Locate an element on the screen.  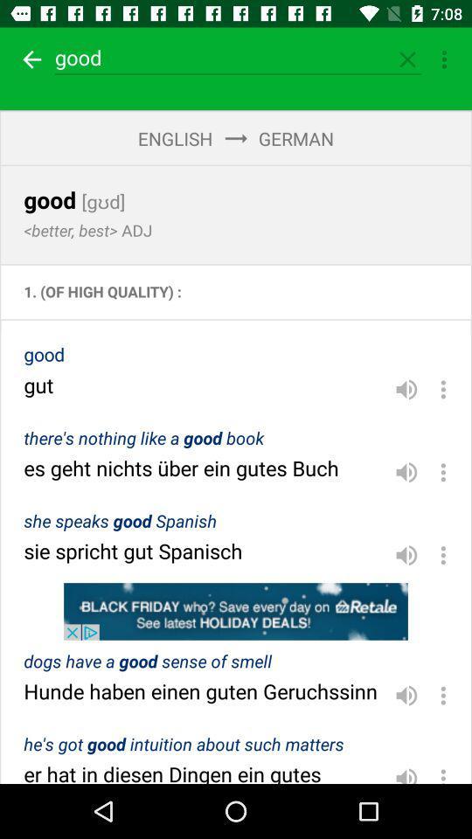
go back is located at coordinates (29, 59).